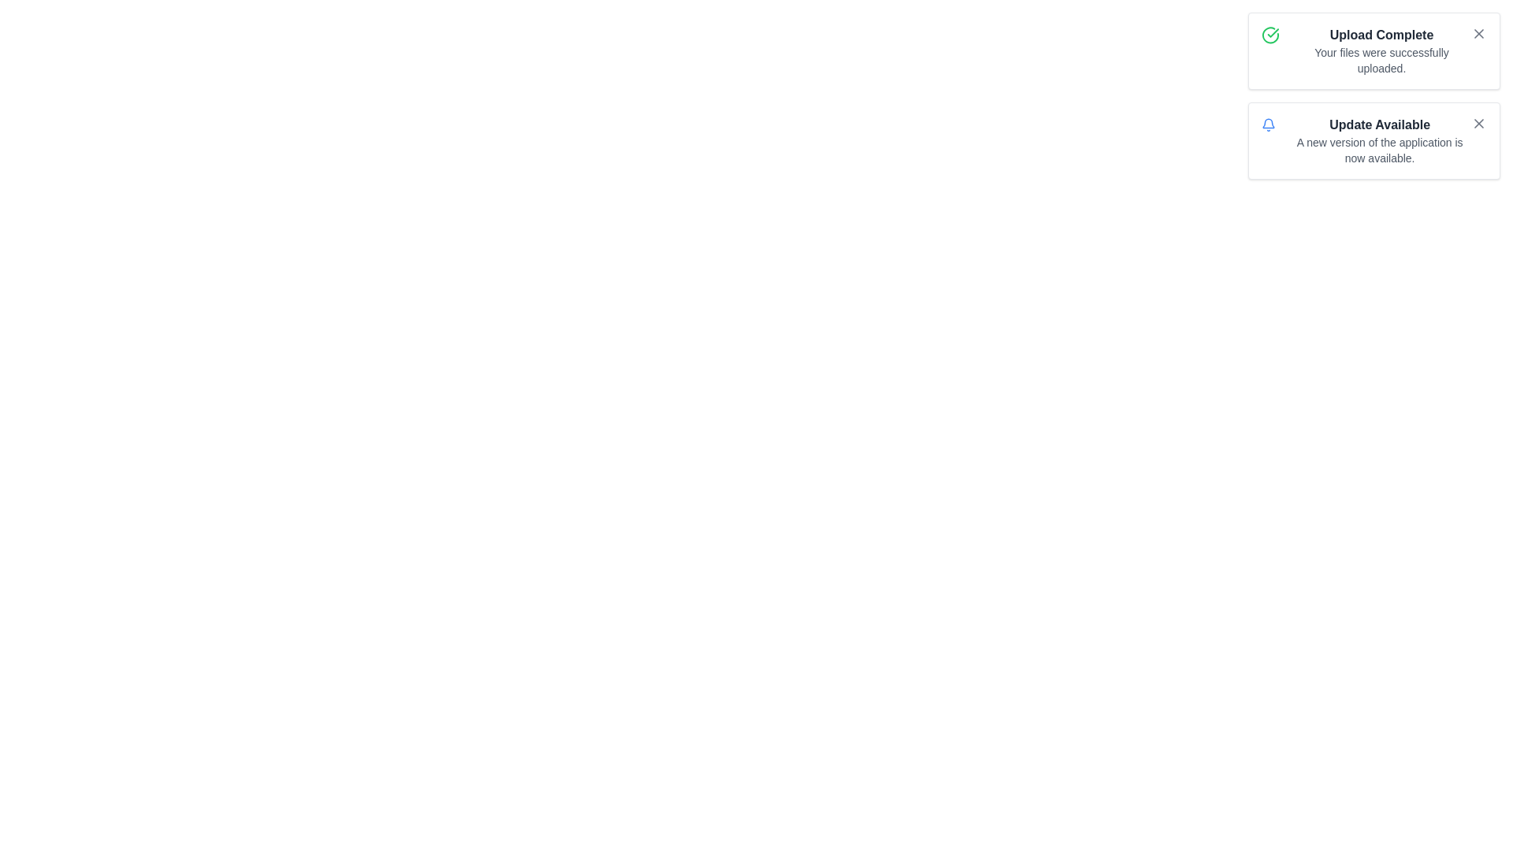  Describe the element at coordinates (1478, 123) in the screenshot. I see `the close button located in the top-right corner of the notification panel` at that location.